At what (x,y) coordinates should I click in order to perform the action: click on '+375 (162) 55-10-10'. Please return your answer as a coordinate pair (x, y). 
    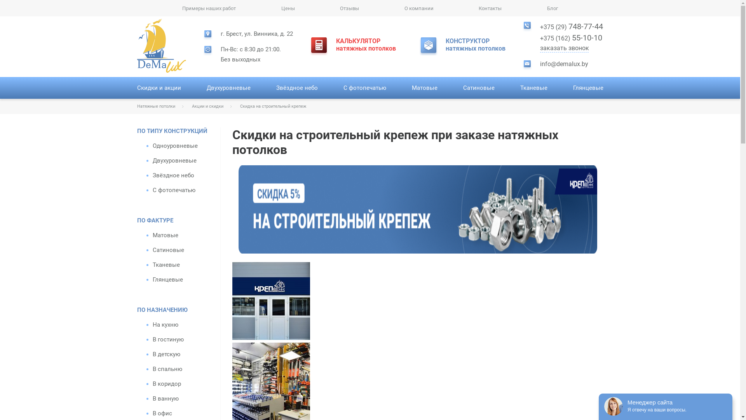
    Looking at the image, I should click on (540, 37).